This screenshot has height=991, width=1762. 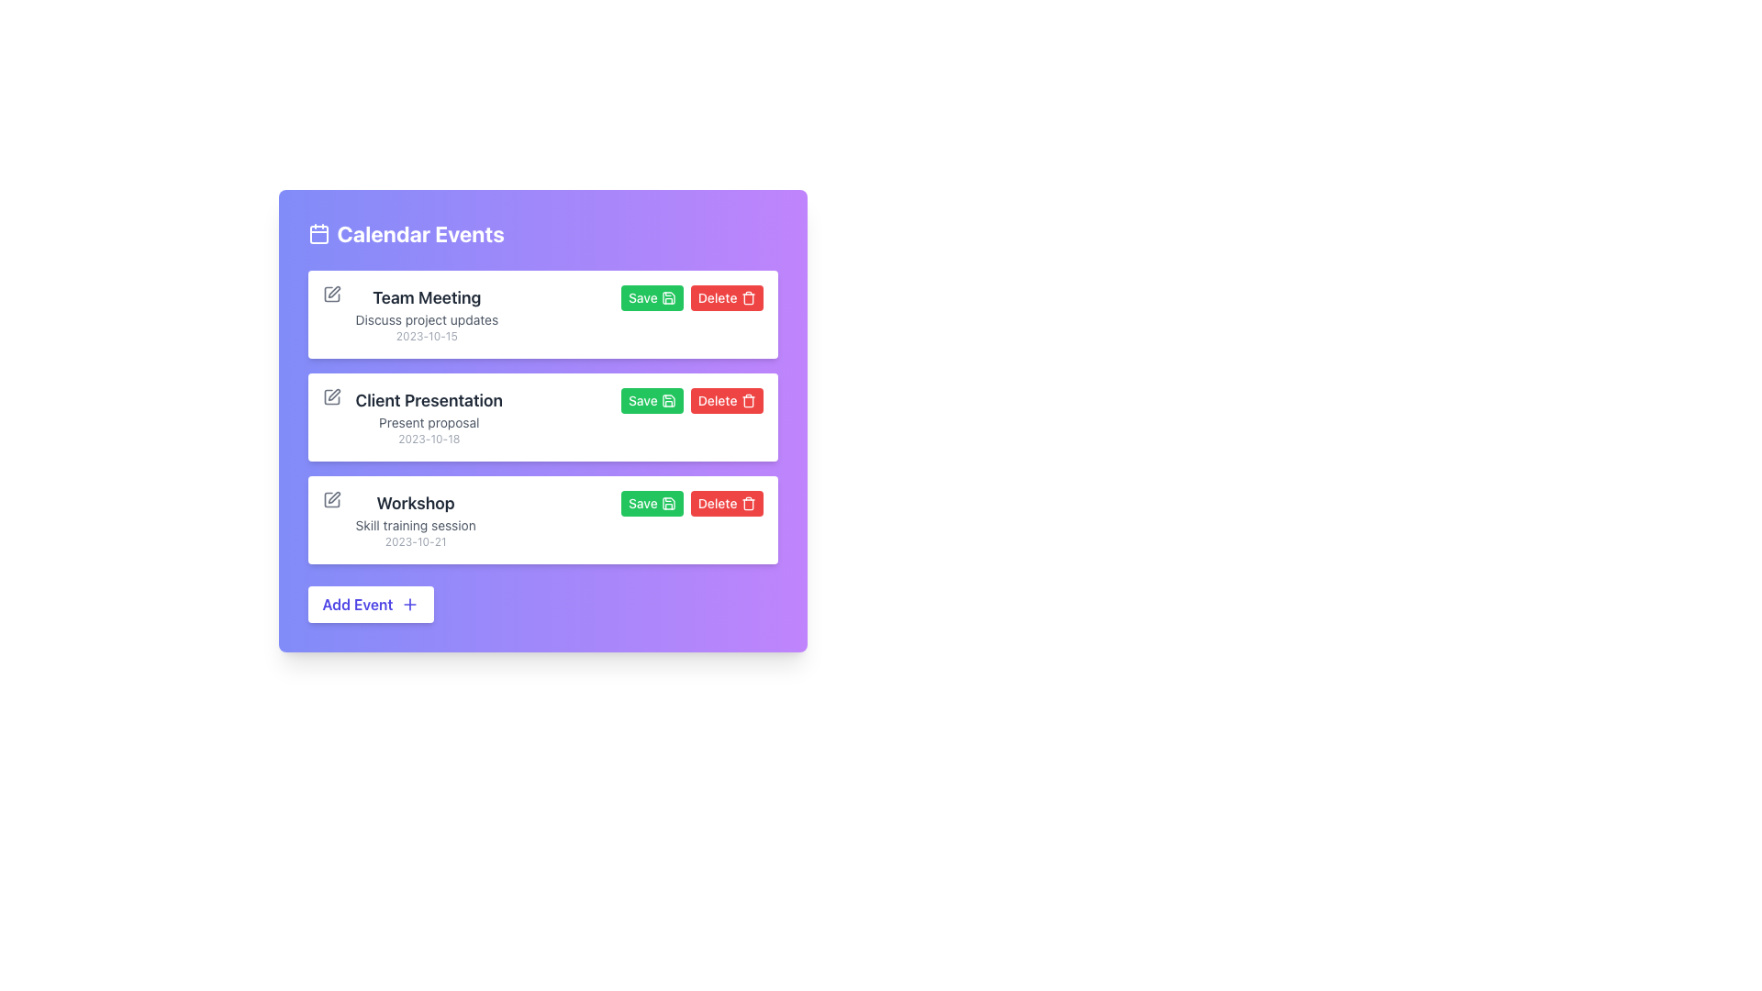 I want to click on the title text label of the second event block in the 'Calendar Events' section, which is the largest text displaying the event title, so click(x=428, y=399).